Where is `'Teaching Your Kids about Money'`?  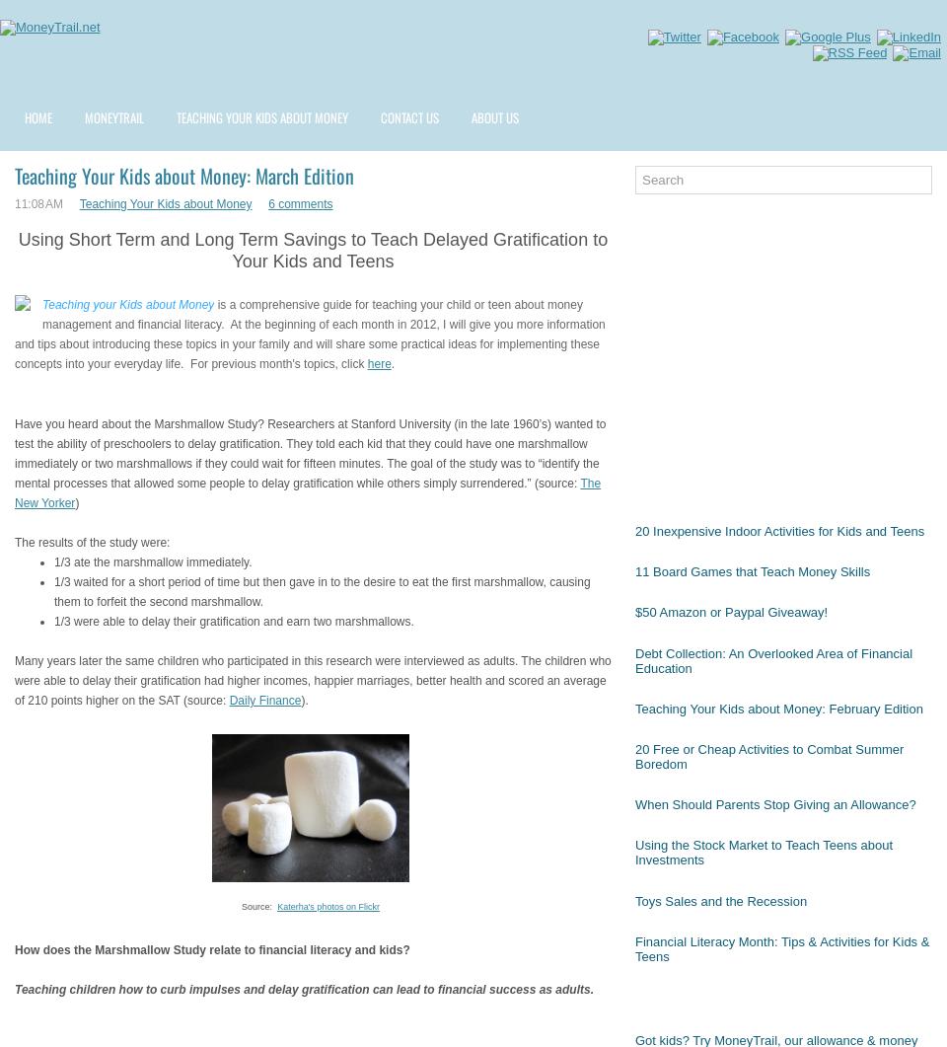 'Teaching Your Kids about Money' is located at coordinates (164, 203).